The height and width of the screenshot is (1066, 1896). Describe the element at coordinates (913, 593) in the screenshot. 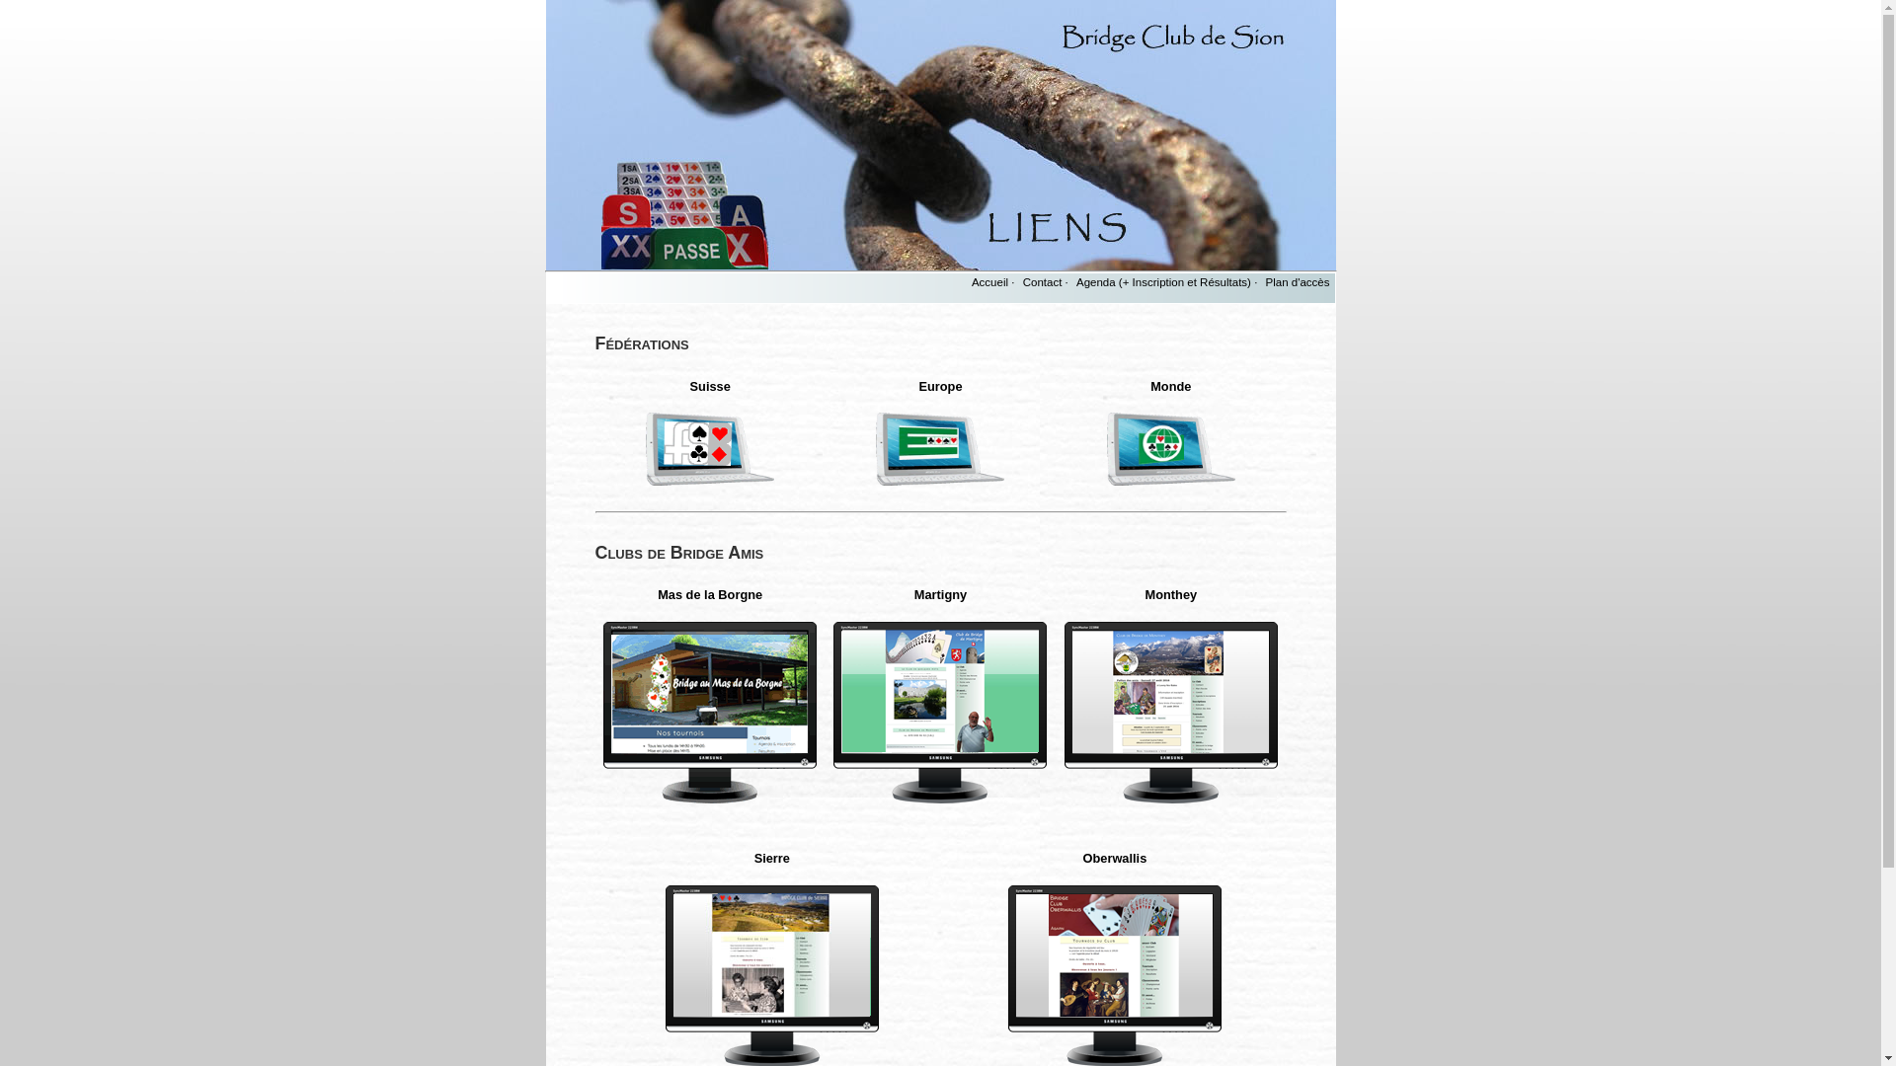

I see `'Martigny'` at that location.